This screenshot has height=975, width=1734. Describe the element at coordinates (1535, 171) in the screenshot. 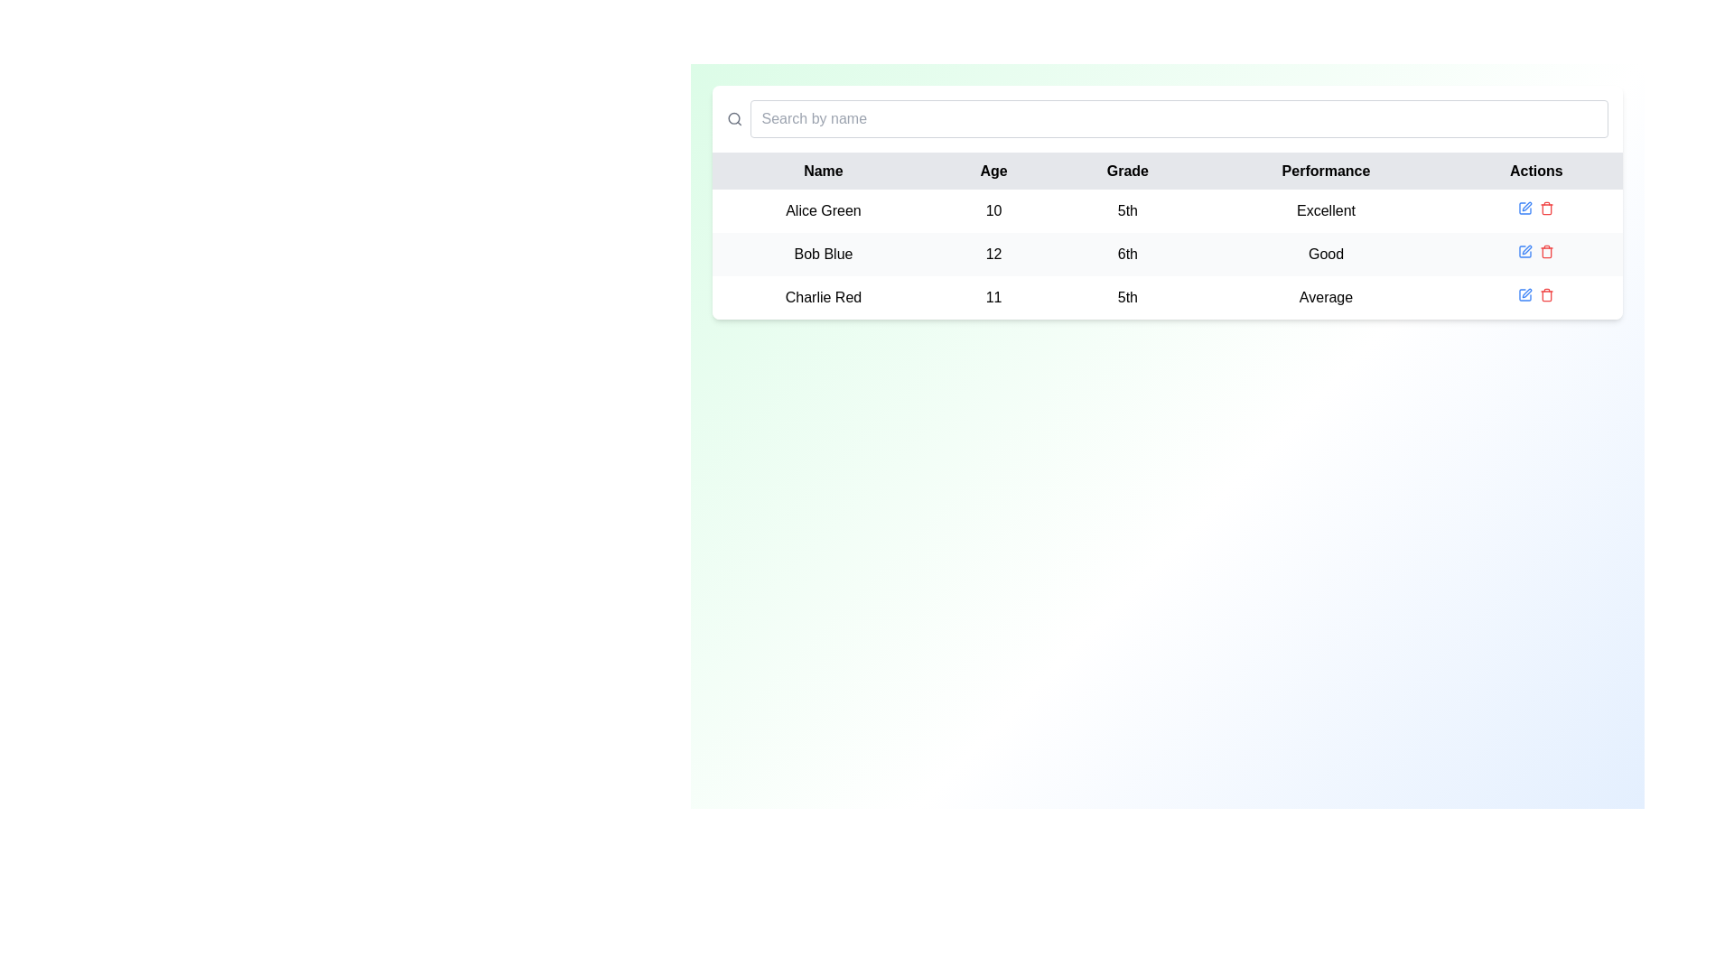

I see `the Table Header Cell labeled 'Actions', which is the fifth cell in the header row of the table, featuring a gray background and bold black text` at that location.